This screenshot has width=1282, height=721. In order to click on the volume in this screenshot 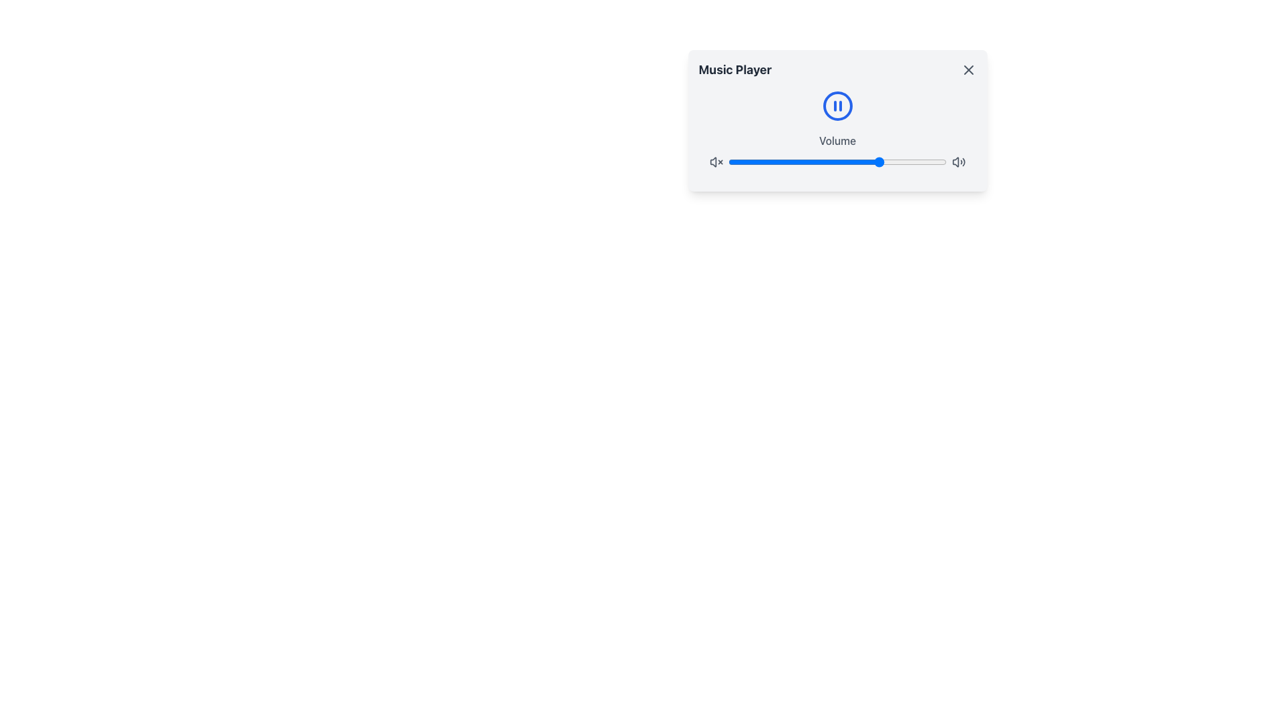, I will do `click(913, 162)`.